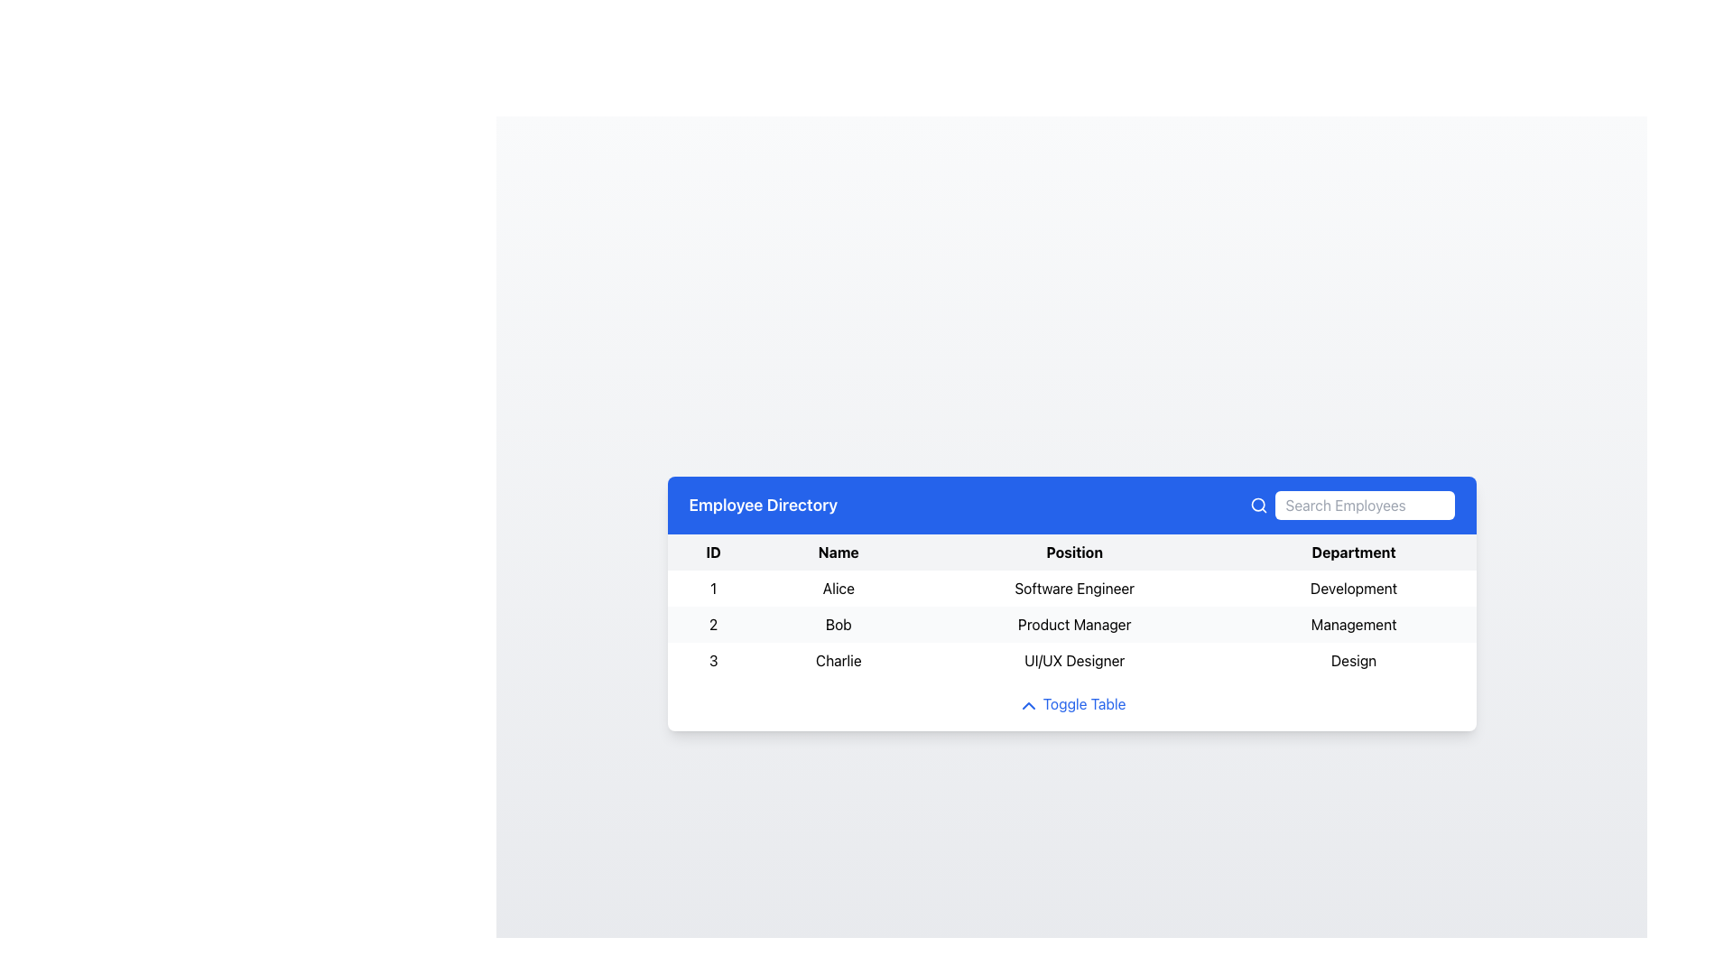 This screenshot has width=1733, height=975. Describe the element at coordinates (1071, 603) in the screenshot. I see `a row in the employee directory table` at that location.